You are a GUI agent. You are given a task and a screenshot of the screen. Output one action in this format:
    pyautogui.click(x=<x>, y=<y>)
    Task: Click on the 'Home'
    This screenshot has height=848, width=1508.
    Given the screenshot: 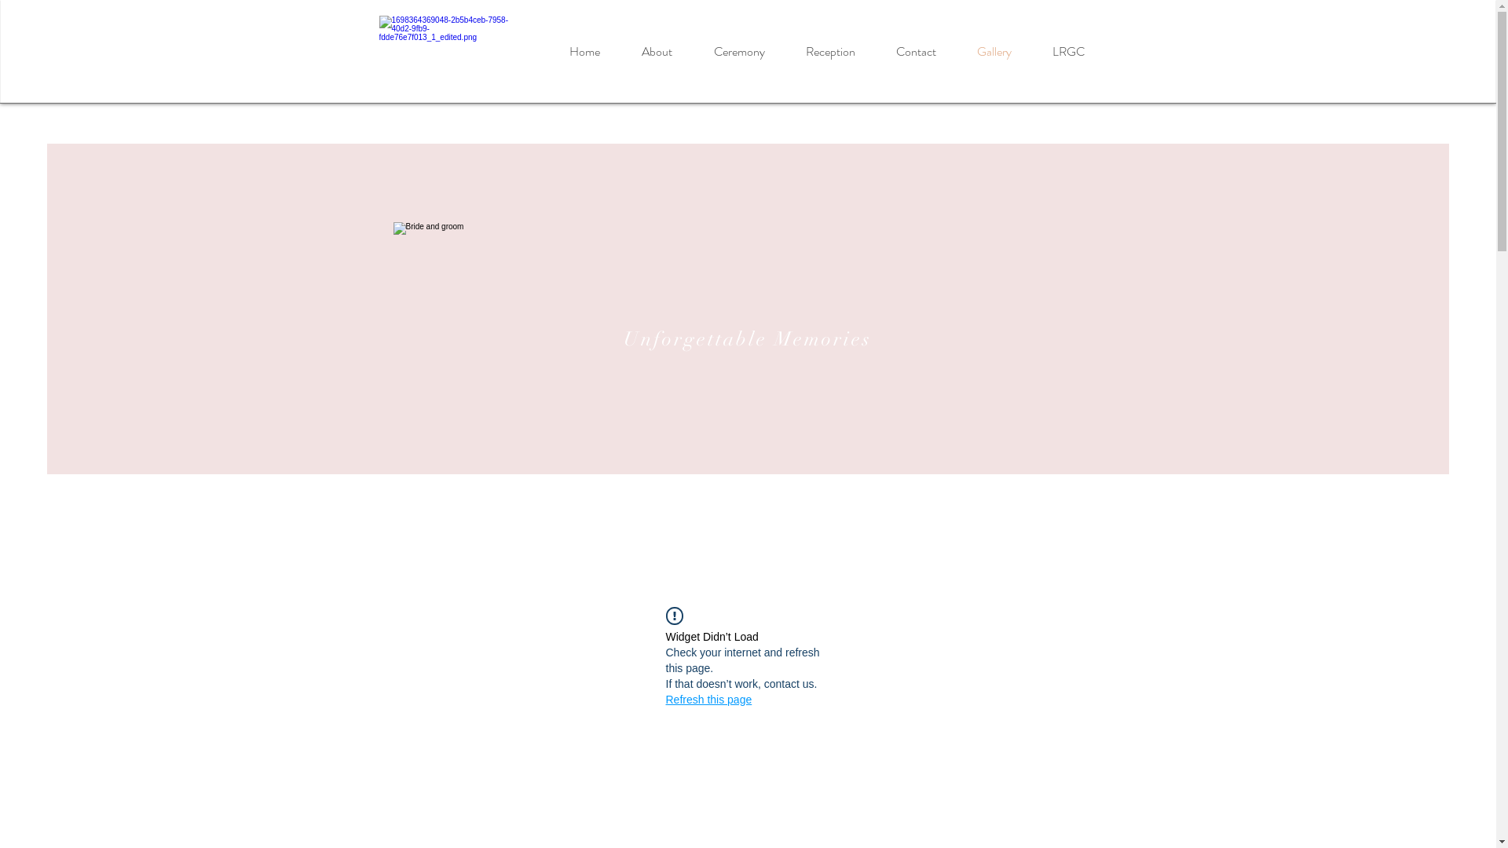 What is the action you would take?
    pyautogui.click(x=584, y=50)
    